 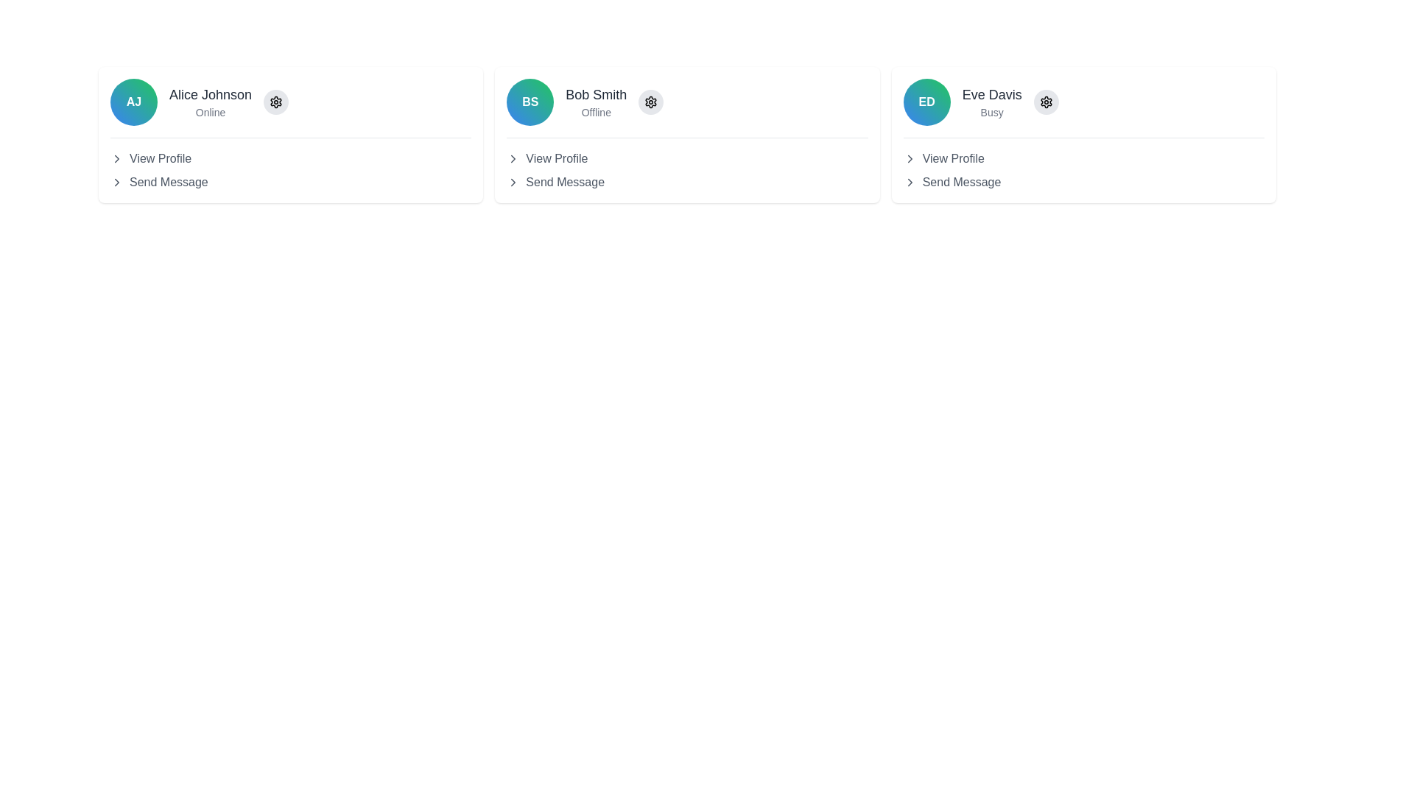 What do you see at coordinates (513, 159) in the screenshot?
I see `the navigational icon located to the left of the 'View Profile' text associated with user Bob Smith to proceed to the profile details` at bounding box center [513, 159].